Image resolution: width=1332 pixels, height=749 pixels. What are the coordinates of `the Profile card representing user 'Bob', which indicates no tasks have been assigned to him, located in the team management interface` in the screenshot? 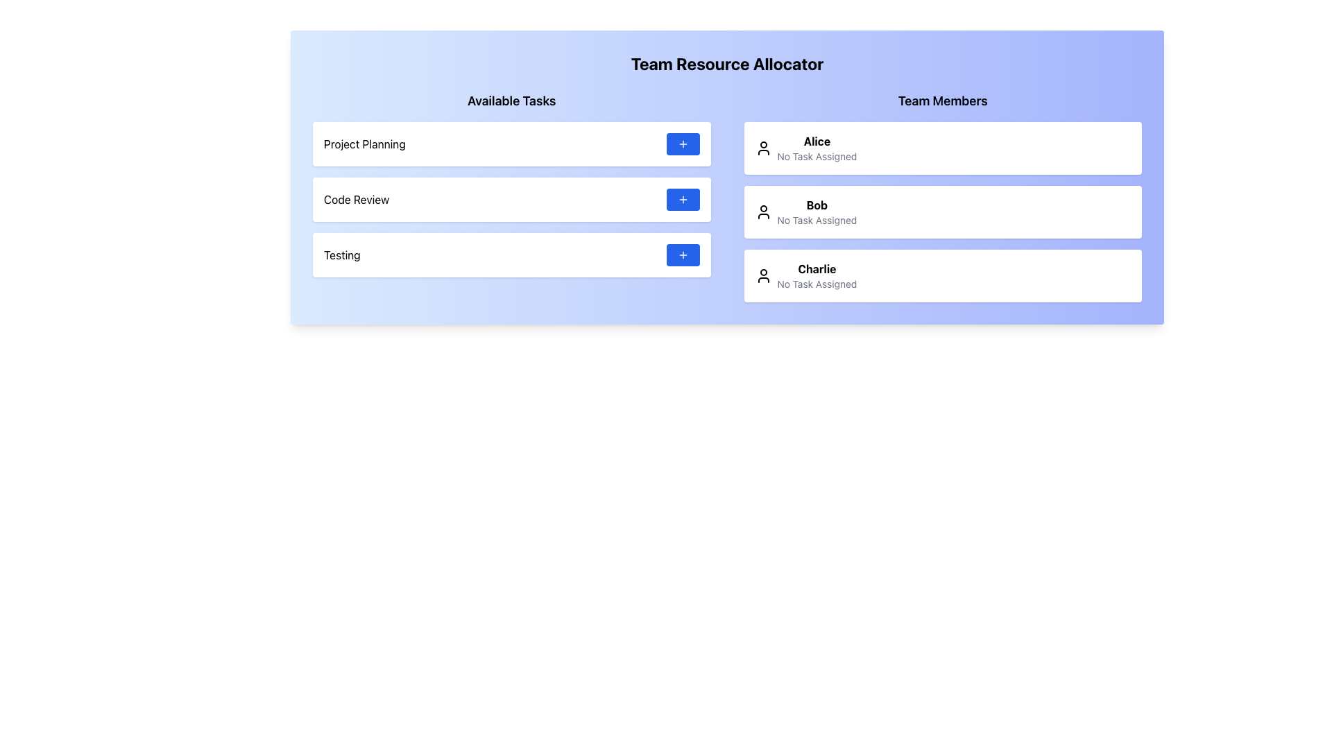 It's located at (943, 212).